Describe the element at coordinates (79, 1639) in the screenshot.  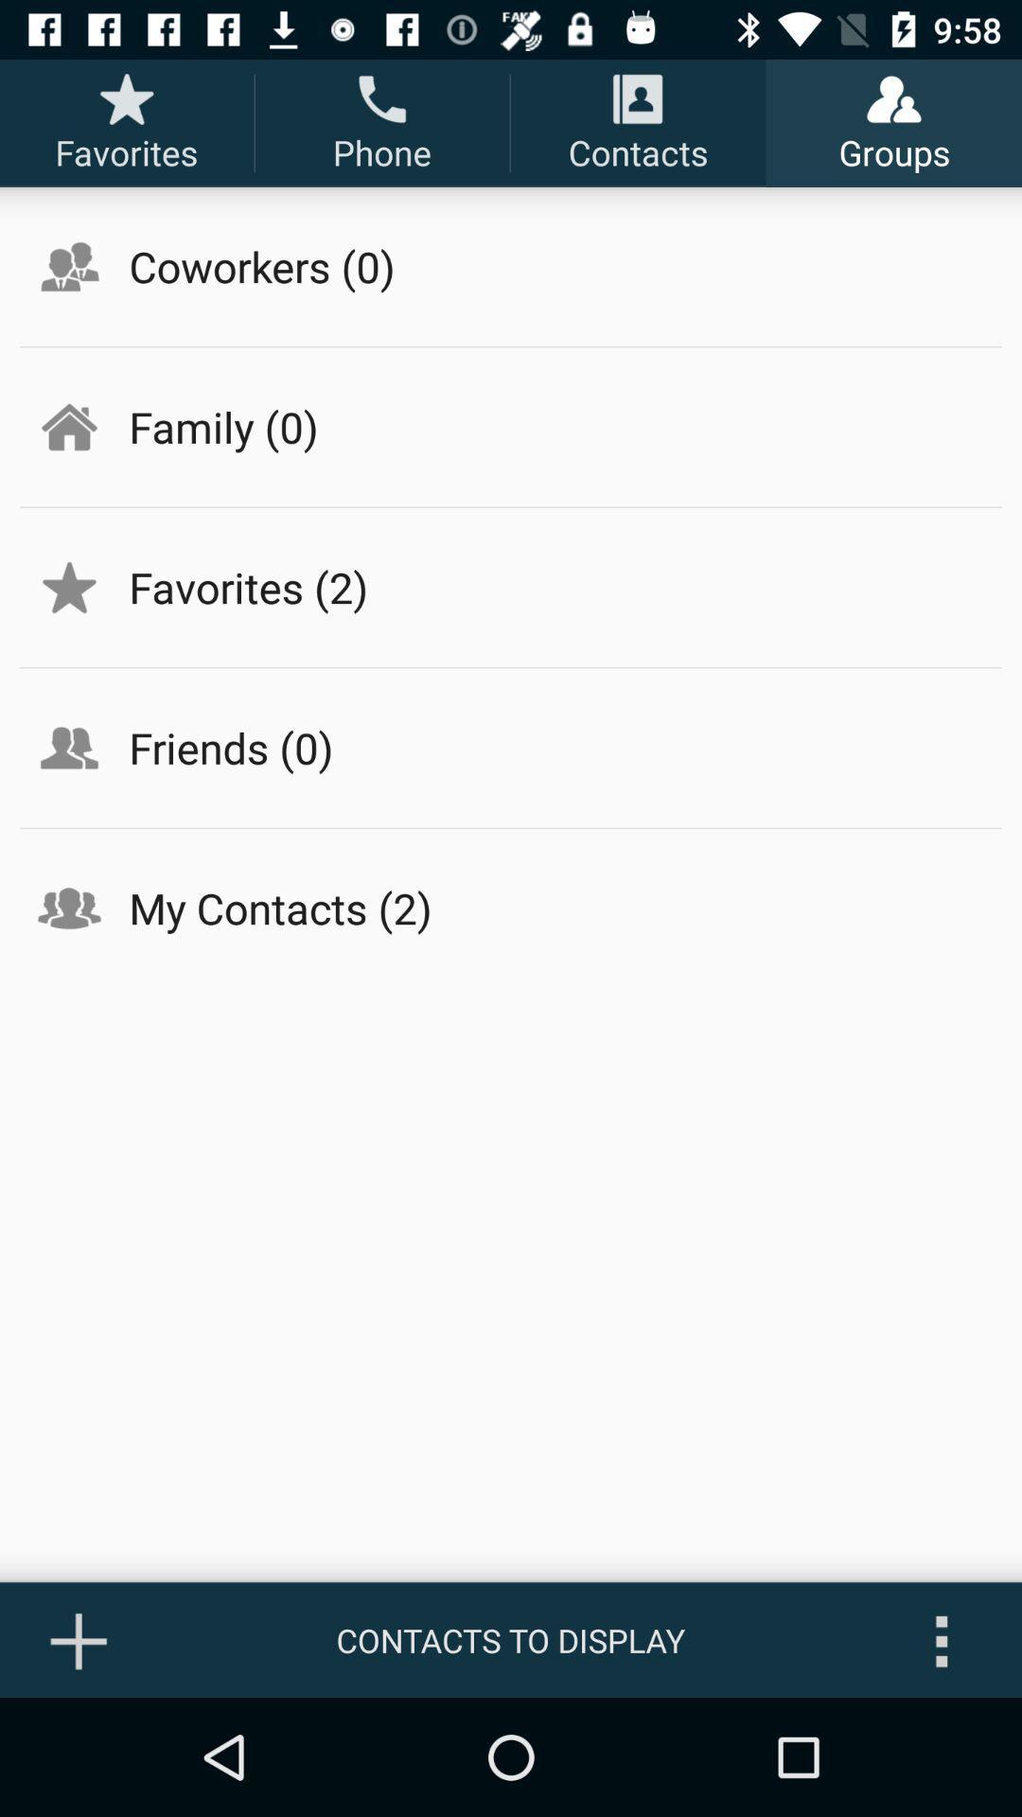
I see `the icon to the left of contacts to display` at that location.